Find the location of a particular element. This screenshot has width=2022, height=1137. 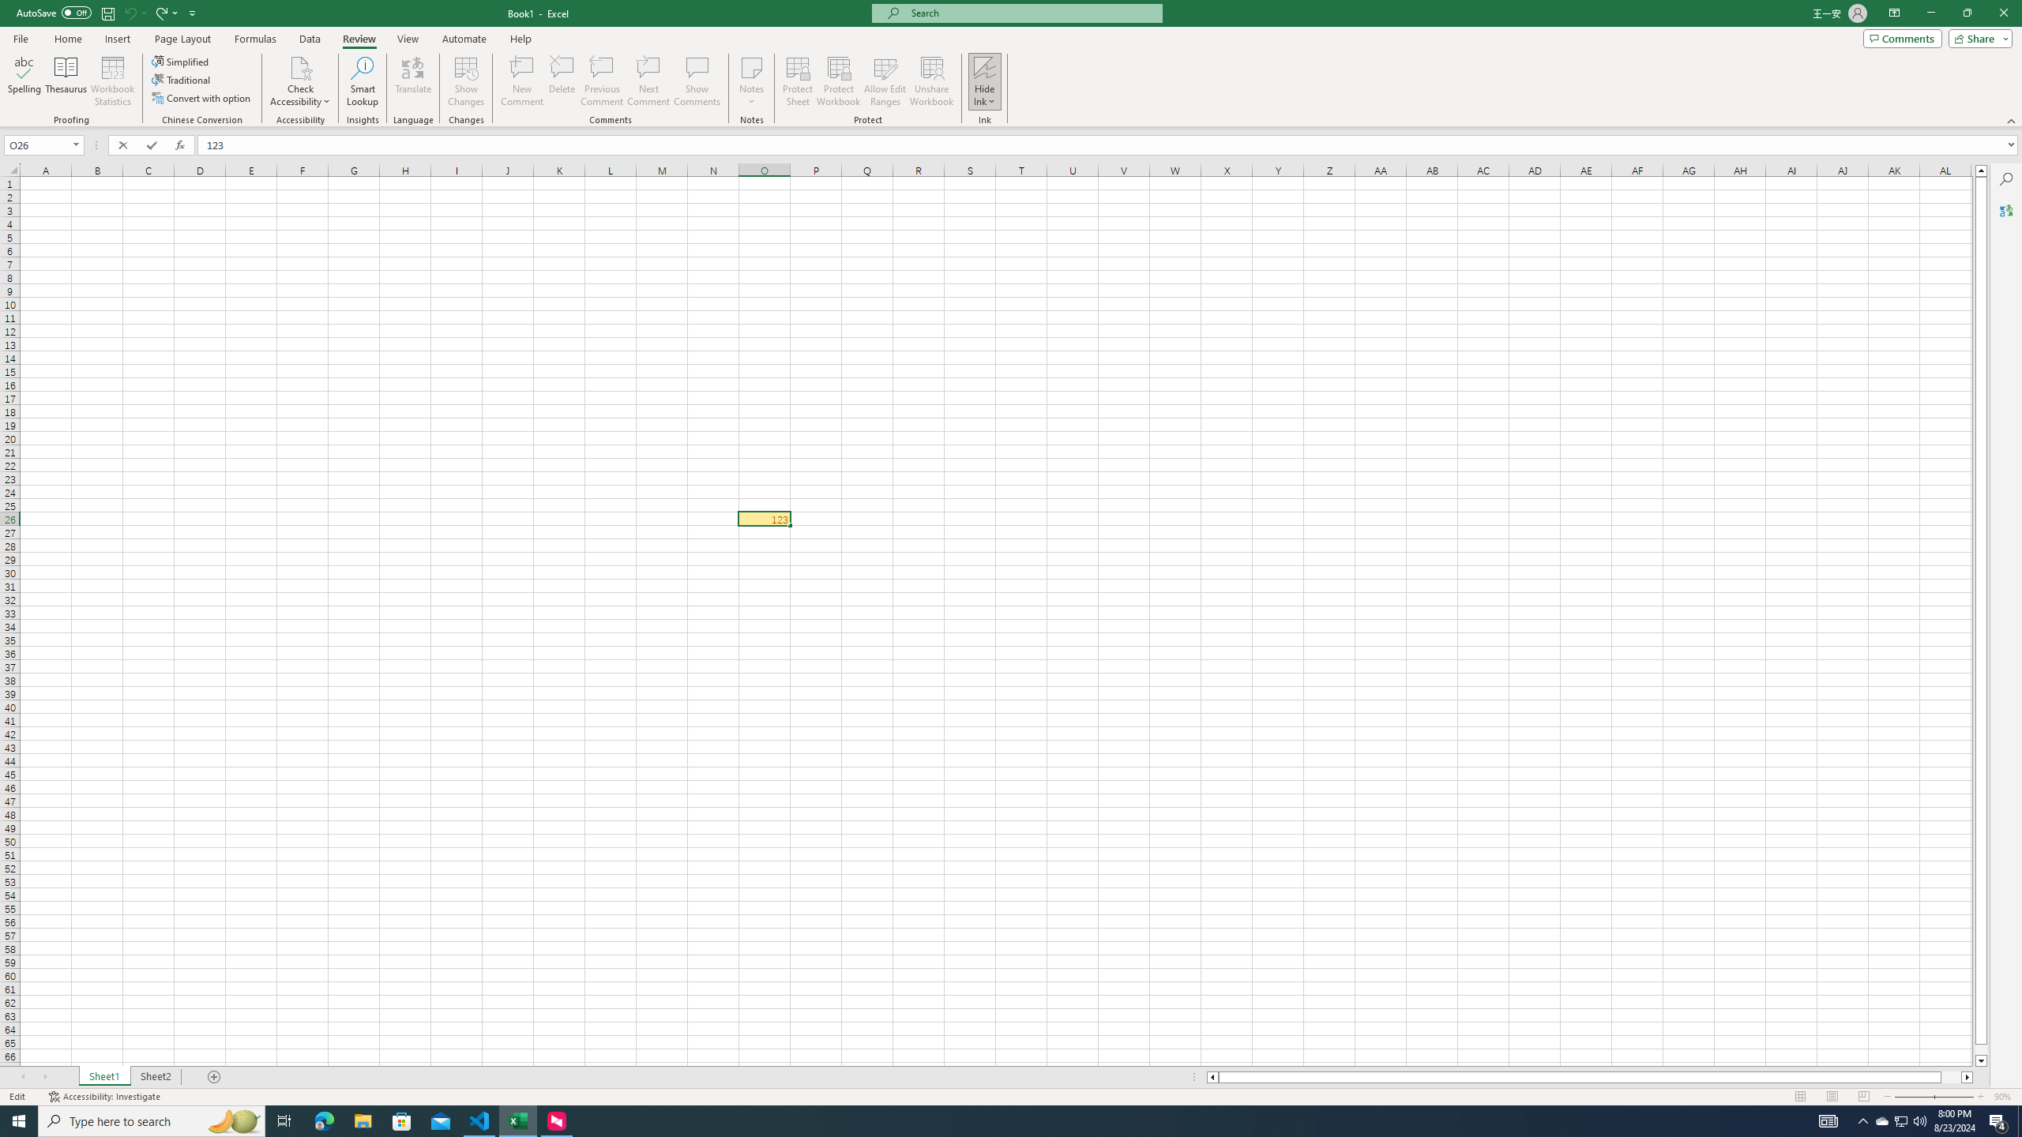

'Edit Cell' is located at coordinates (763, 518).